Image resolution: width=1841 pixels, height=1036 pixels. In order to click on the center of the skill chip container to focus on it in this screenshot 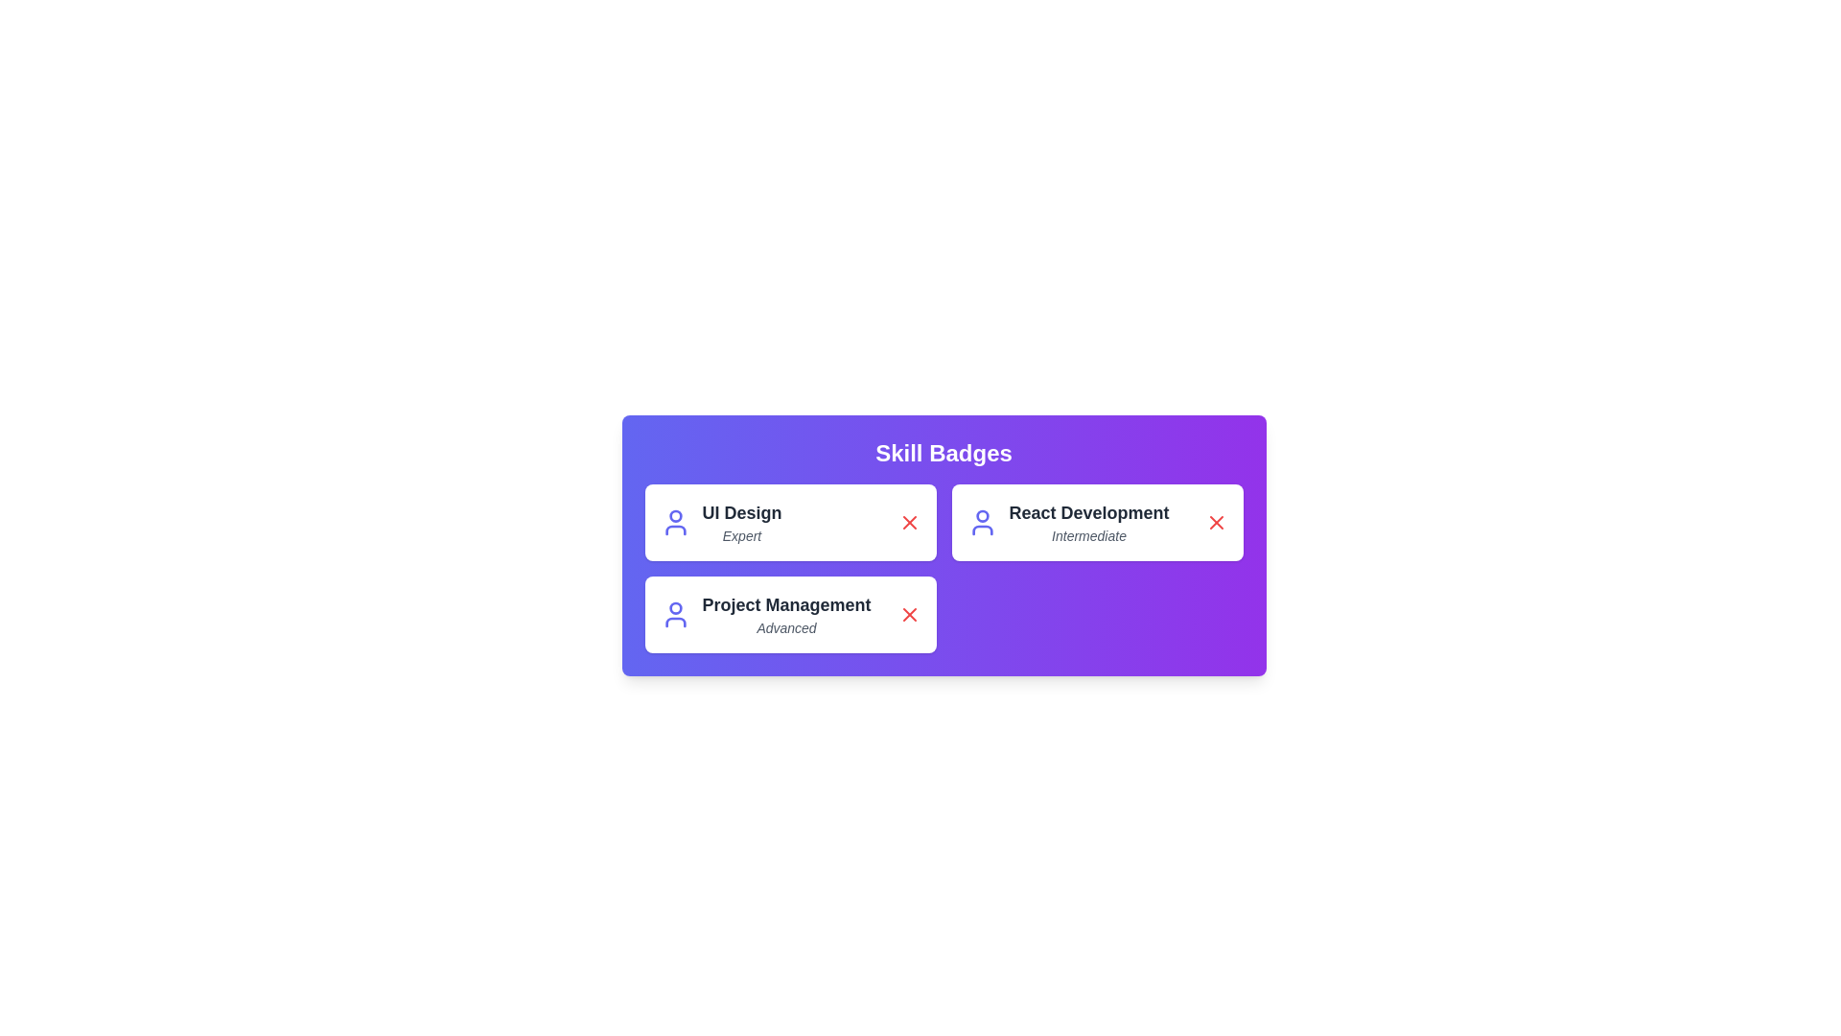, I will do `click(944, 546)`.